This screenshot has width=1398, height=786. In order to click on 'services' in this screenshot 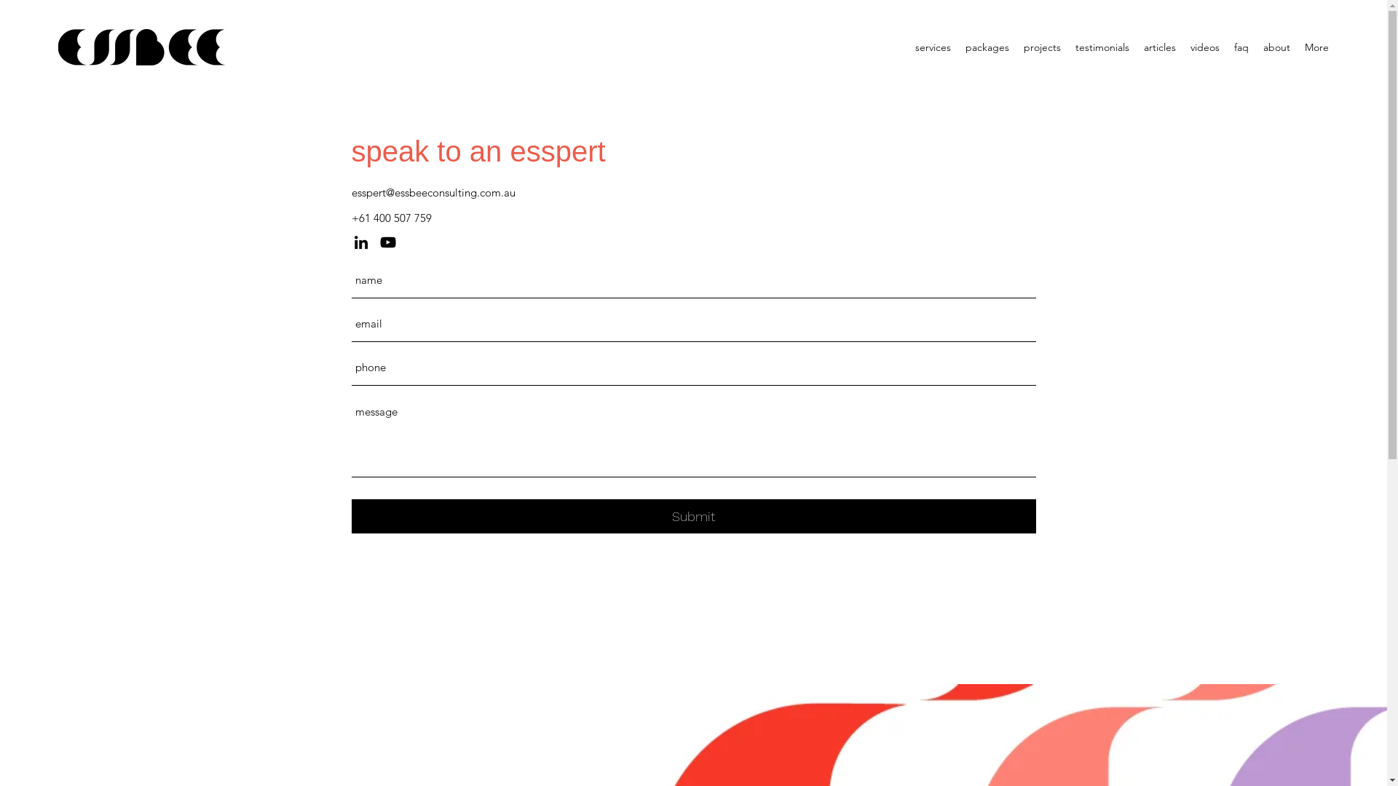, I will do `click(933, 47)`.